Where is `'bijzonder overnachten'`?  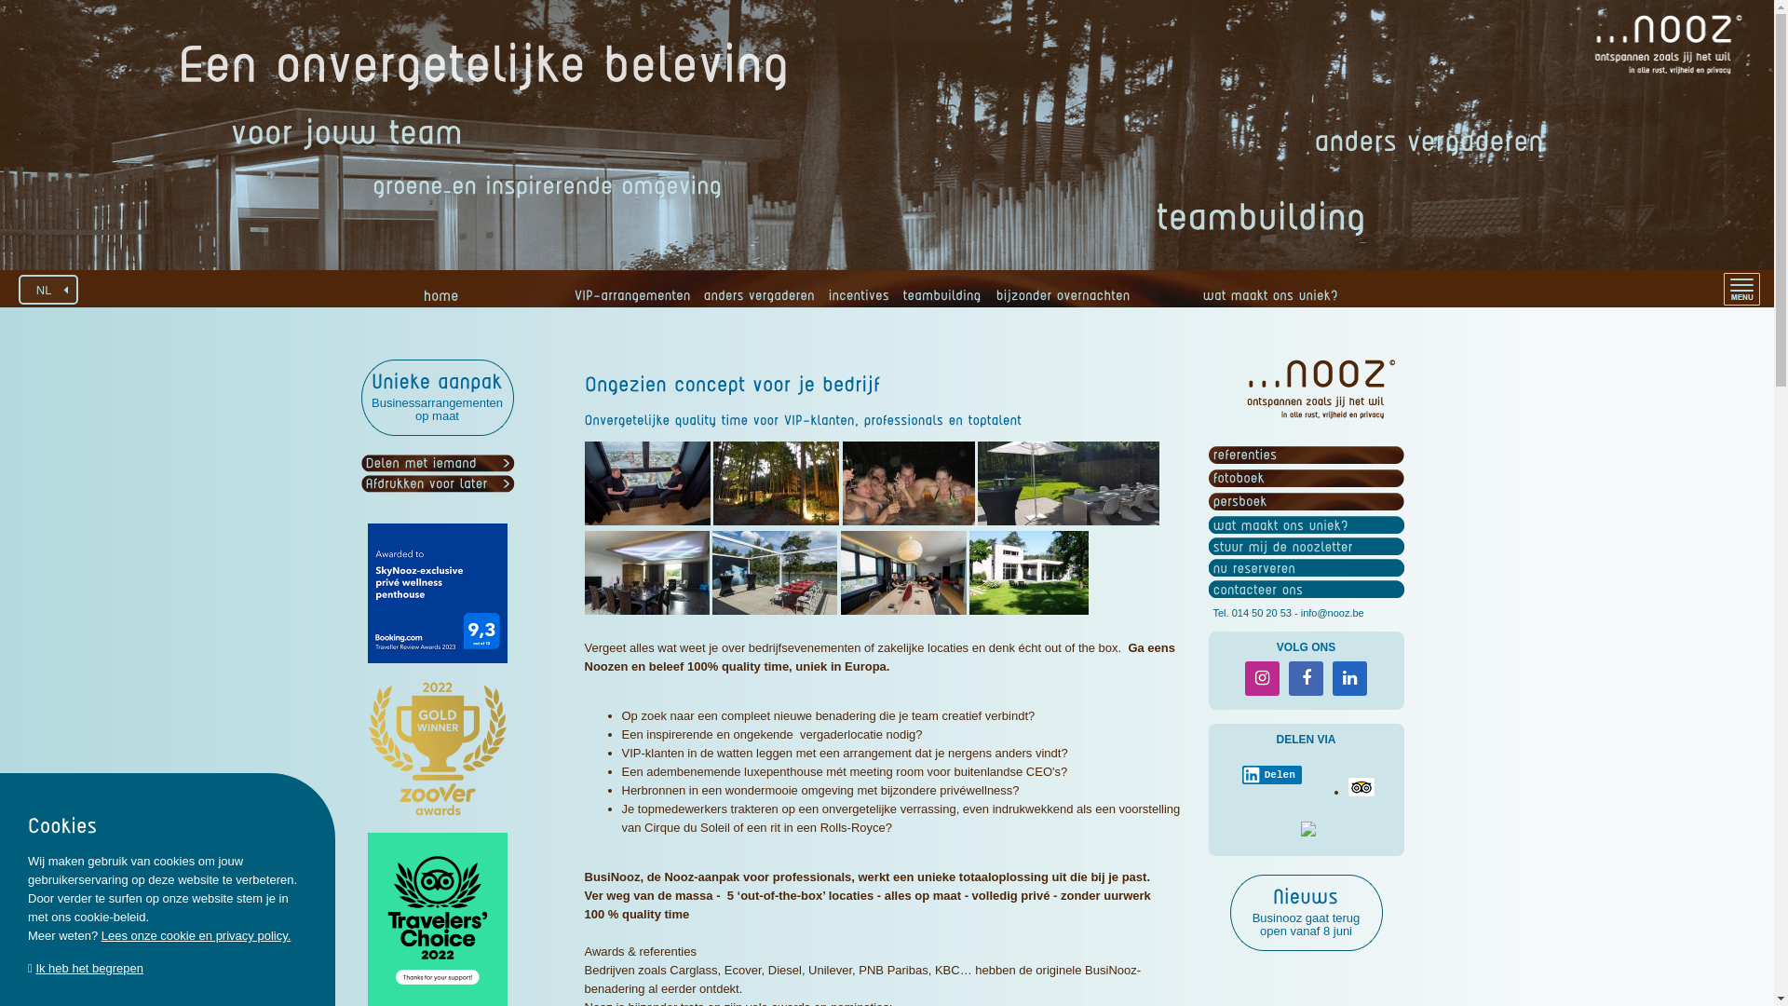 'bijzonder overnachten' is located at coordinates (1059, 300).